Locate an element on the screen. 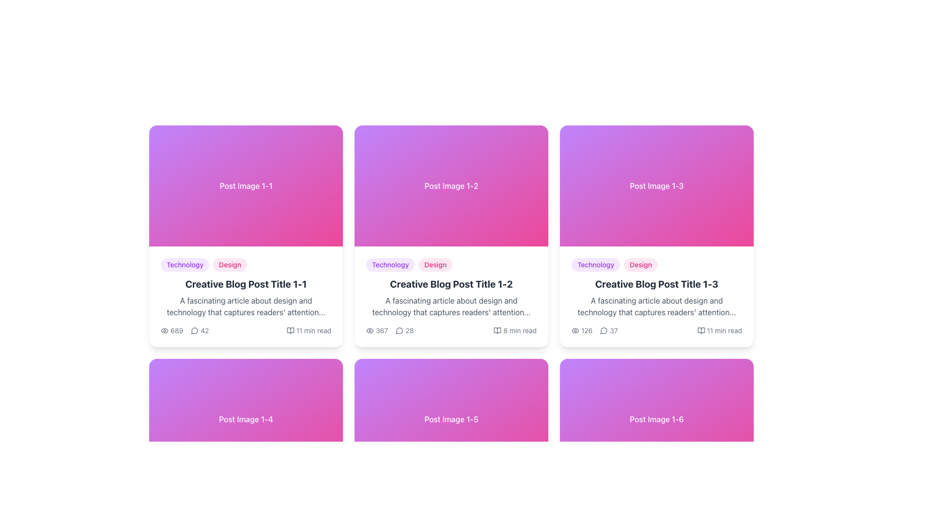 Image resolution: width=930 pixels, height=523 pixels. the small, black outline icon of an open book located to the left of the text '11 min read' at the bottom-right corner of the card for the blog post titled 'Creative Blog Post Title 1-3' is located at coordinates (701, 330).